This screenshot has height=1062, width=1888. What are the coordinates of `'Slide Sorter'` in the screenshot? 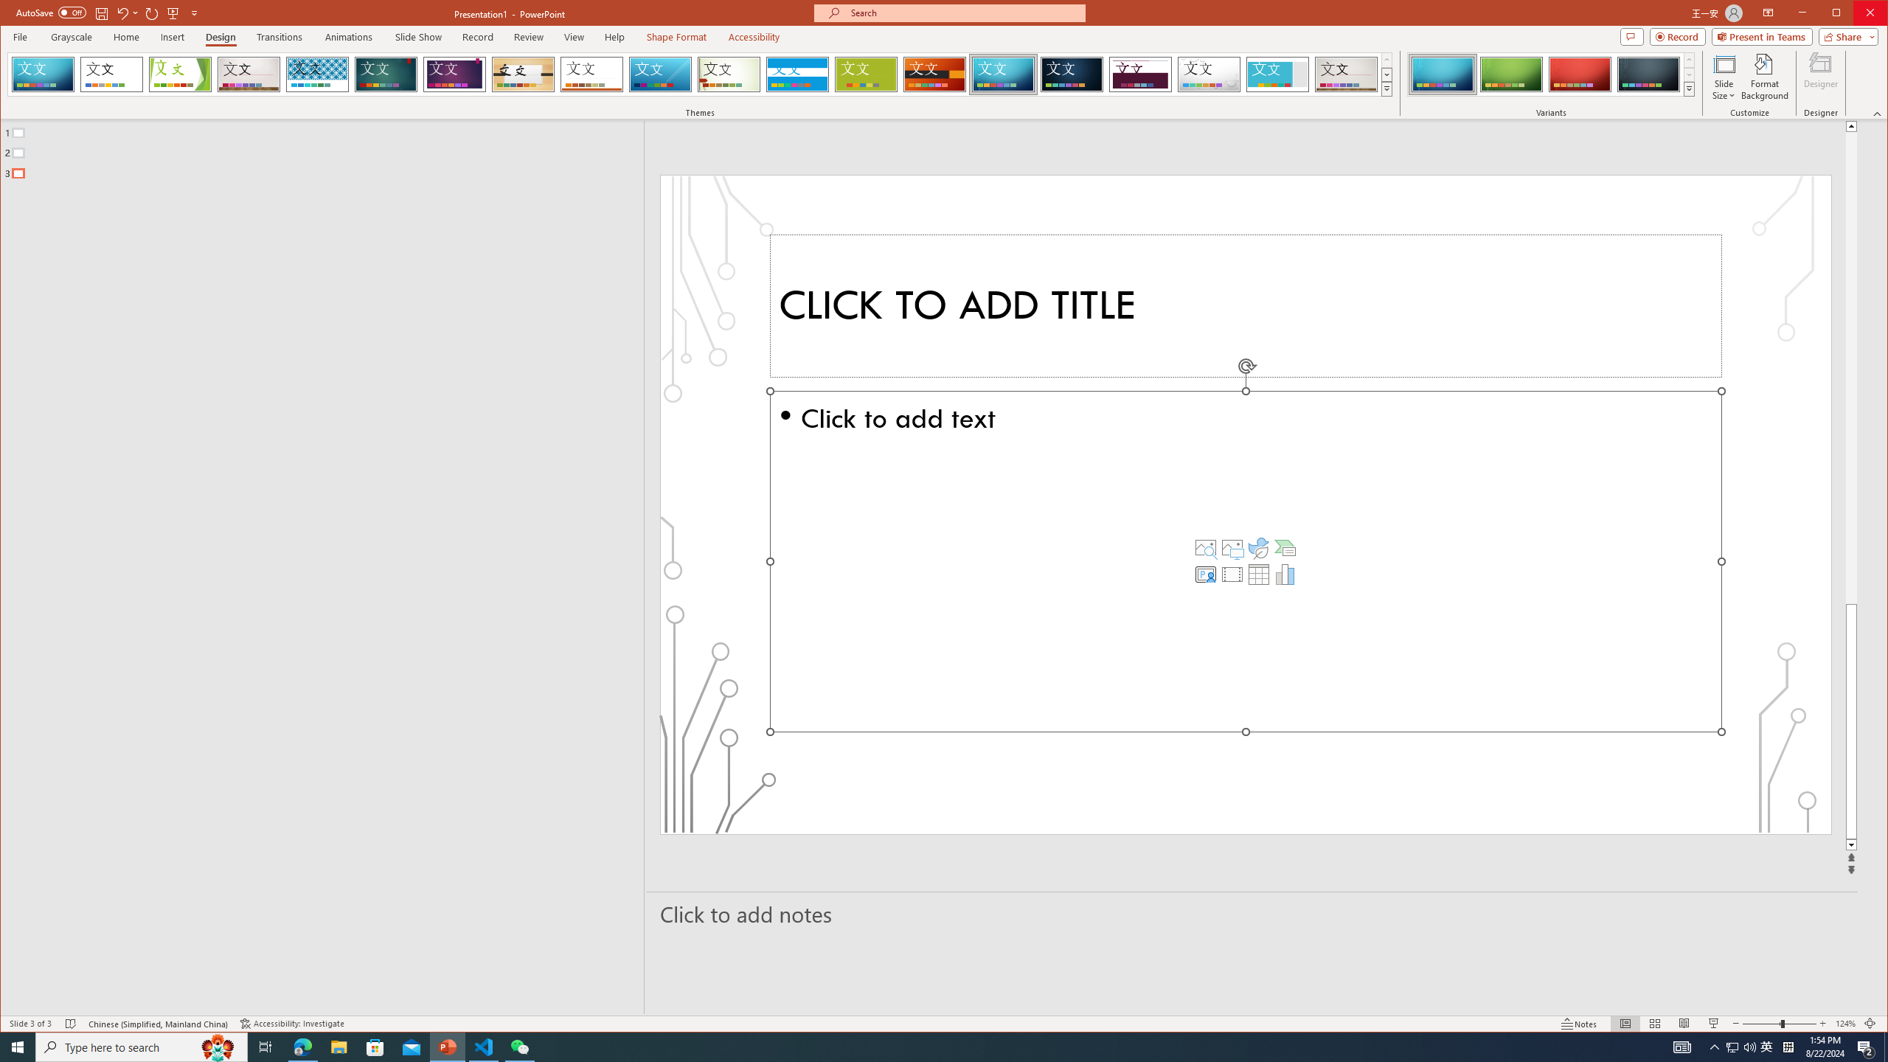 It's located at (1653, 1023).